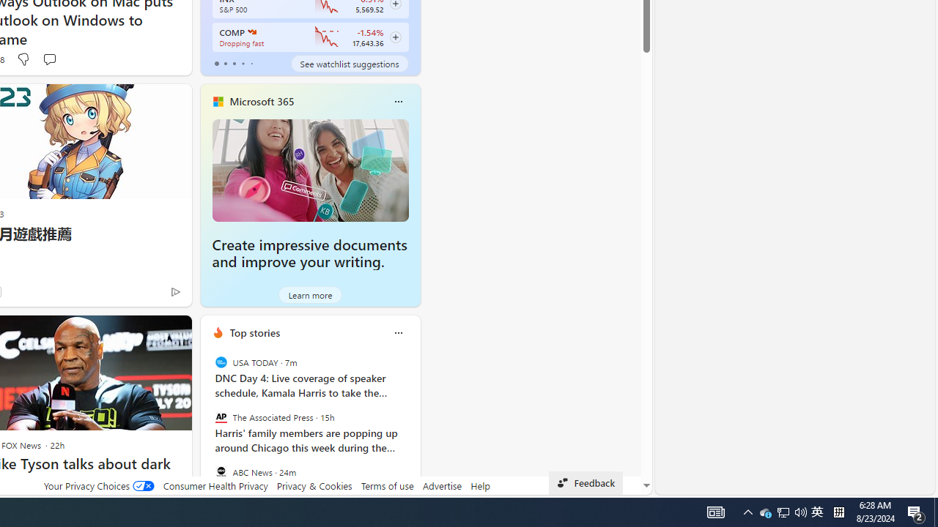  I want to click on 'Help', so click(481, 485).